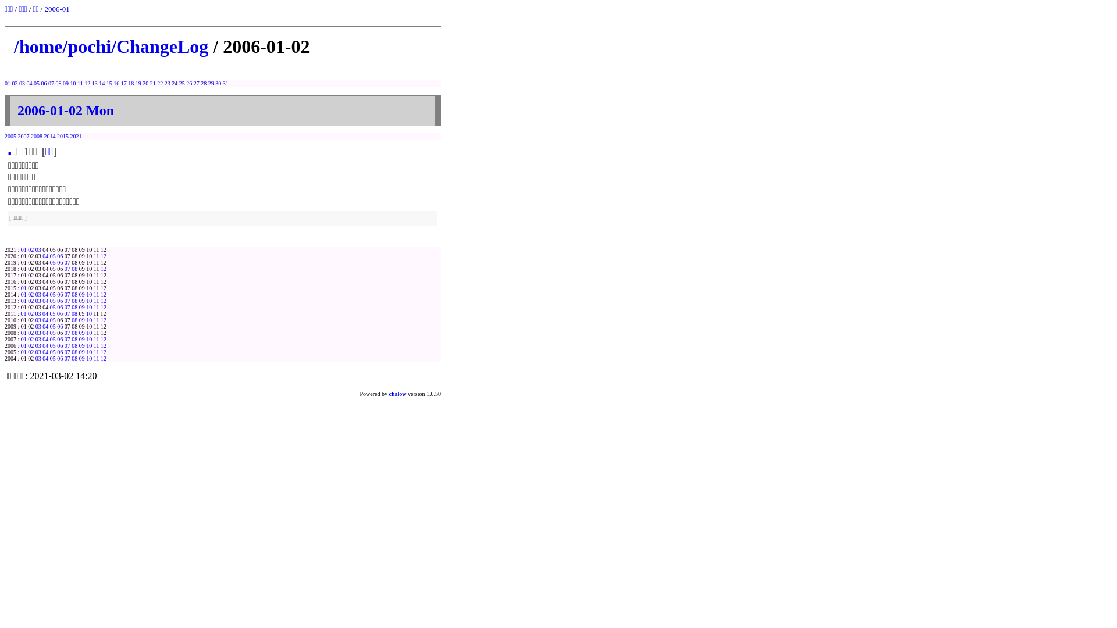 The image size is (1117, 628). I want to click on '14', so click(101, 83).